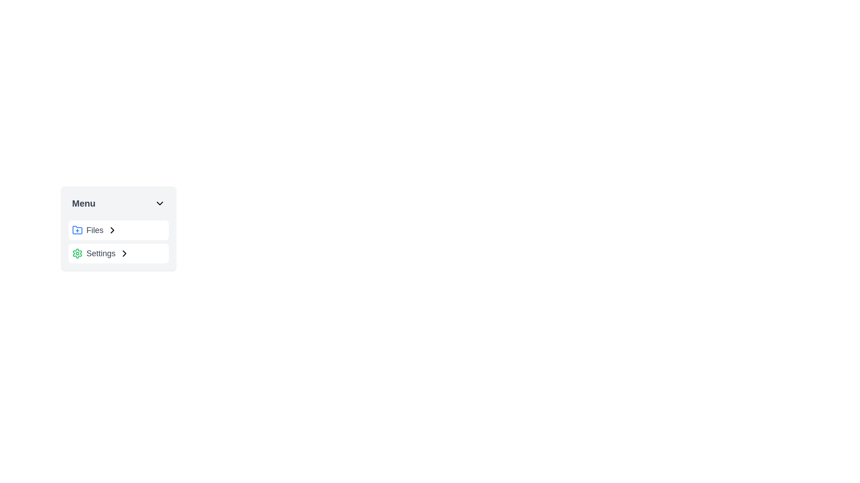  Describe the element at coordinates (84, 203) in the screenshot. I see `text from the 'Menu' label displayed in bold, large font at the top-left of the card-like structure` at that location.